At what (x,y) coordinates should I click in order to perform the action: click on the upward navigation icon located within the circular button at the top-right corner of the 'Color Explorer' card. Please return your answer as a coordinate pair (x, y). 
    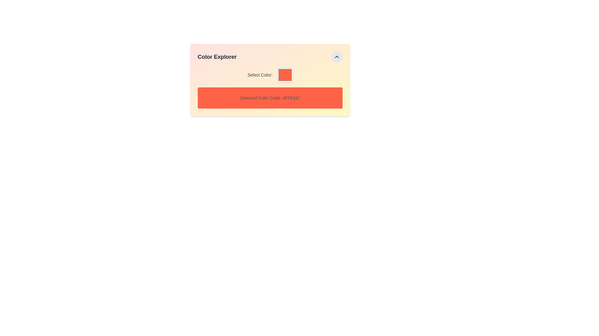
    Looking at the image, I should click on (336, 57).